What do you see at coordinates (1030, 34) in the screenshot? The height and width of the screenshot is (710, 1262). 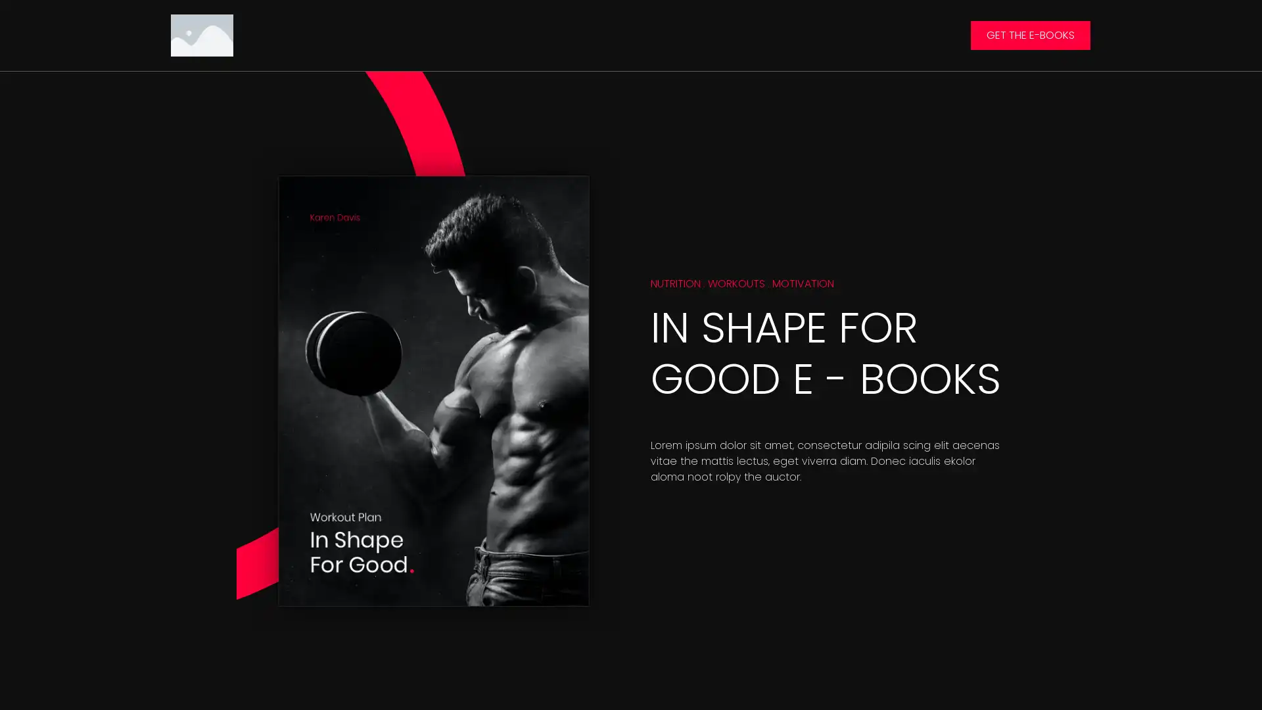 I see `GET THE E-BOOKS` at bounding box center [1030, 34].